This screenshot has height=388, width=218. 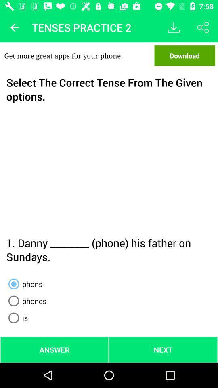 I want to click on the phons radio button, so click(x=24, y=284).